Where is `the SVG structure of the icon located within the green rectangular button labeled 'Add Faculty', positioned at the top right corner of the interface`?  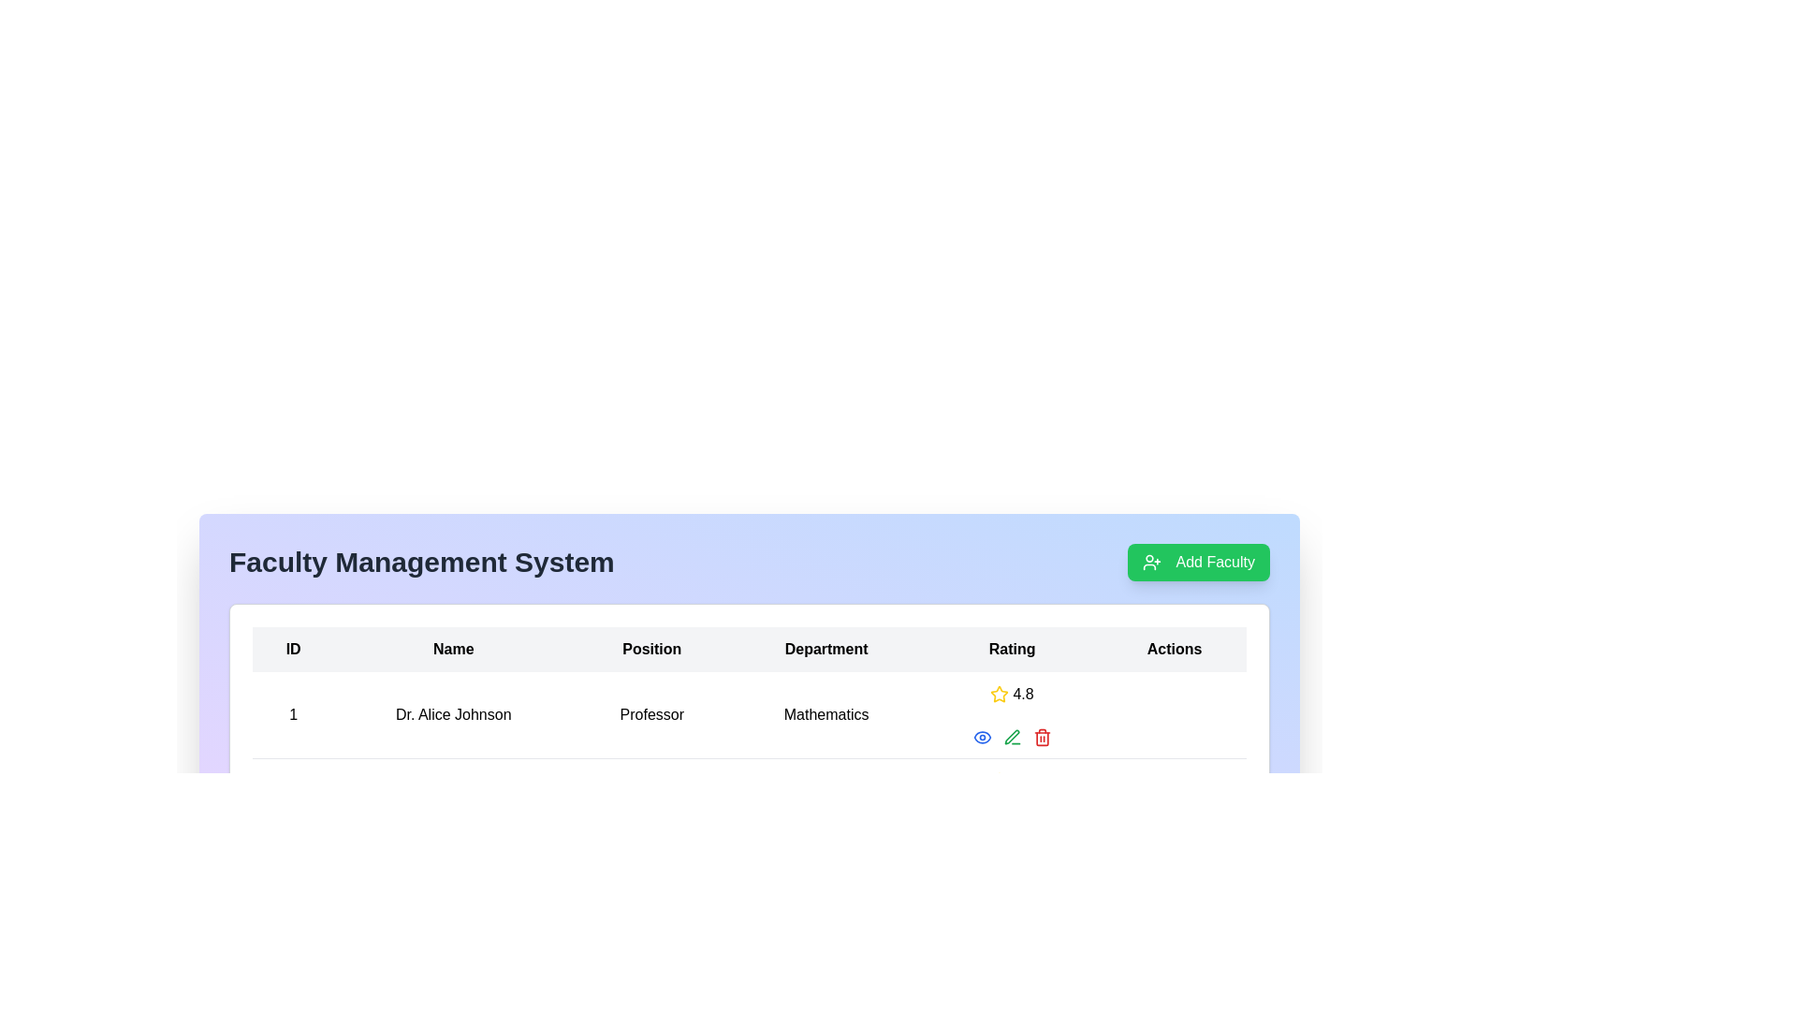 the SVG structure of the icon located within the green rectangular button labeled 'Add Faculty', positioned at the top right corner of the interface is located at coordinates (1150, 562).